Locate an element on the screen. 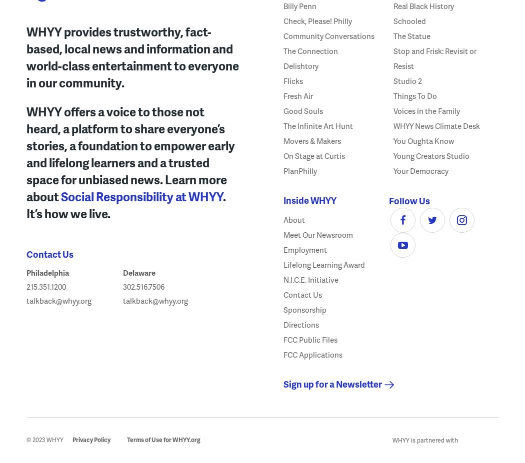 This screenshot has width=525, height=463. '215.351.1200' is located at coordinates (45, 286).